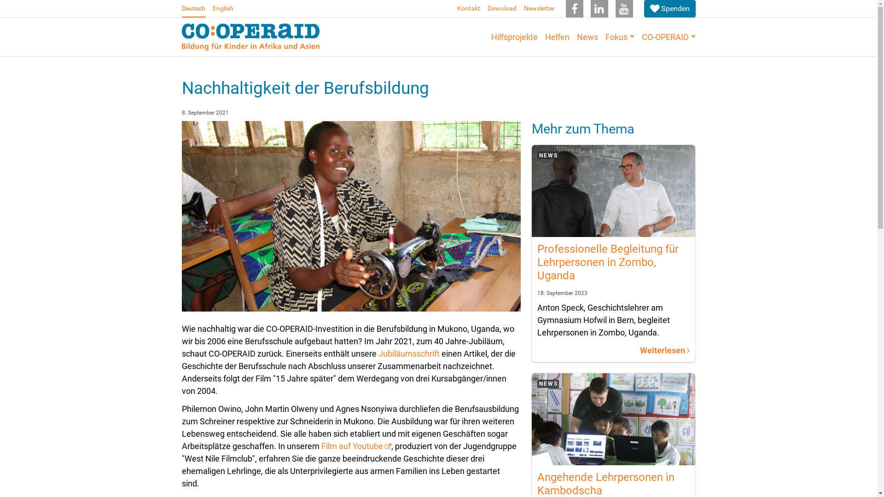 The image size is (884, 497). I want to click on 'Newsletter', so click(520, 9).